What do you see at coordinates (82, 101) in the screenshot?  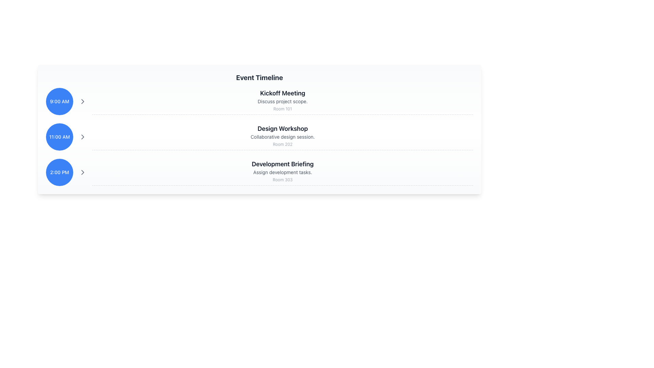 I see `the navigation icon located to the right of the '9:00 AM' label` at bounding box center [82, 101].